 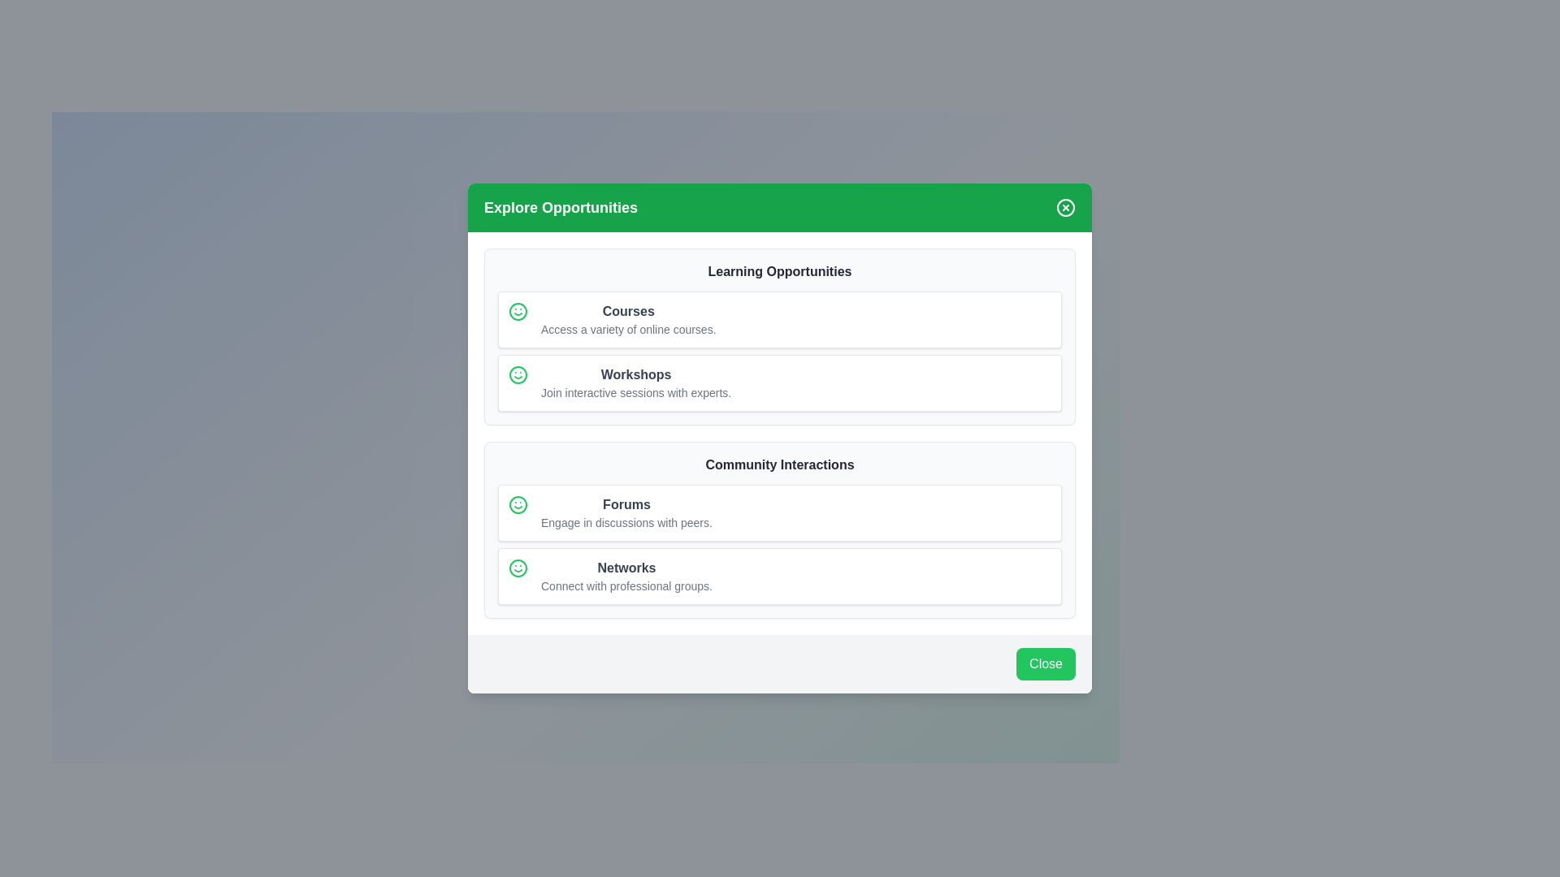 What do you see at coordinates (635, 382) in the screenshot?
I see `information in the 'Workshops' informational card located in the 'Learning Opportunities' section, positioned between the 'Courses' and 'Forums' cards` at bounding box center [635, 382].